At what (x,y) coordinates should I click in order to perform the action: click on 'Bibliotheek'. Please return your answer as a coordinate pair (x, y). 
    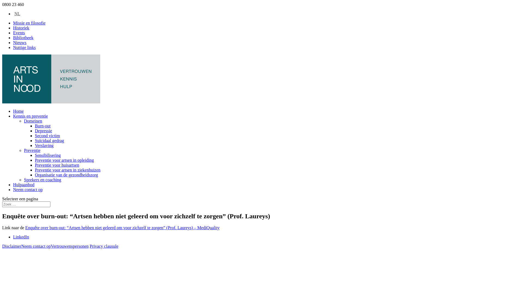
    Looking at the image, I should click on (23, 37).